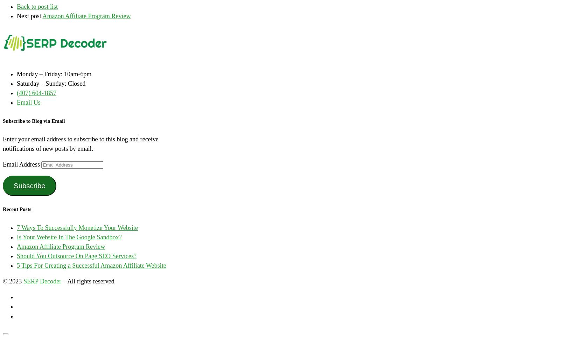 This screenshot has height=338, width=570. Describe the element at coordinates (42, 281) in the screenshot. I see `'SERP Decoder'` at that location.